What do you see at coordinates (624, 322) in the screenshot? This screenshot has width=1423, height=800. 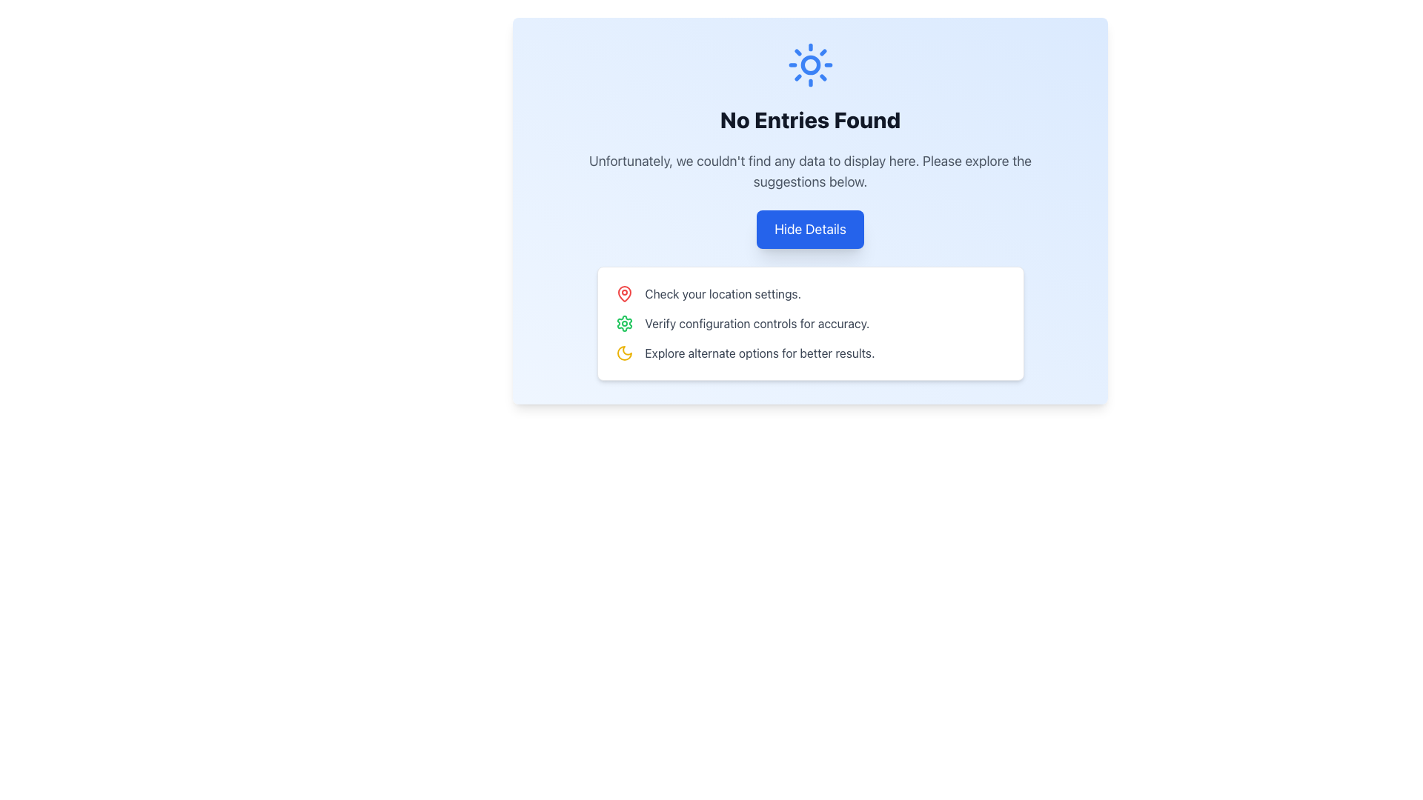 I see `the green cogwheel icon indicating settings functionality, which is located in the suggestion box to the left of the text 'Verify configuration controls for accuracy.'` at bounding box center [624, 322].